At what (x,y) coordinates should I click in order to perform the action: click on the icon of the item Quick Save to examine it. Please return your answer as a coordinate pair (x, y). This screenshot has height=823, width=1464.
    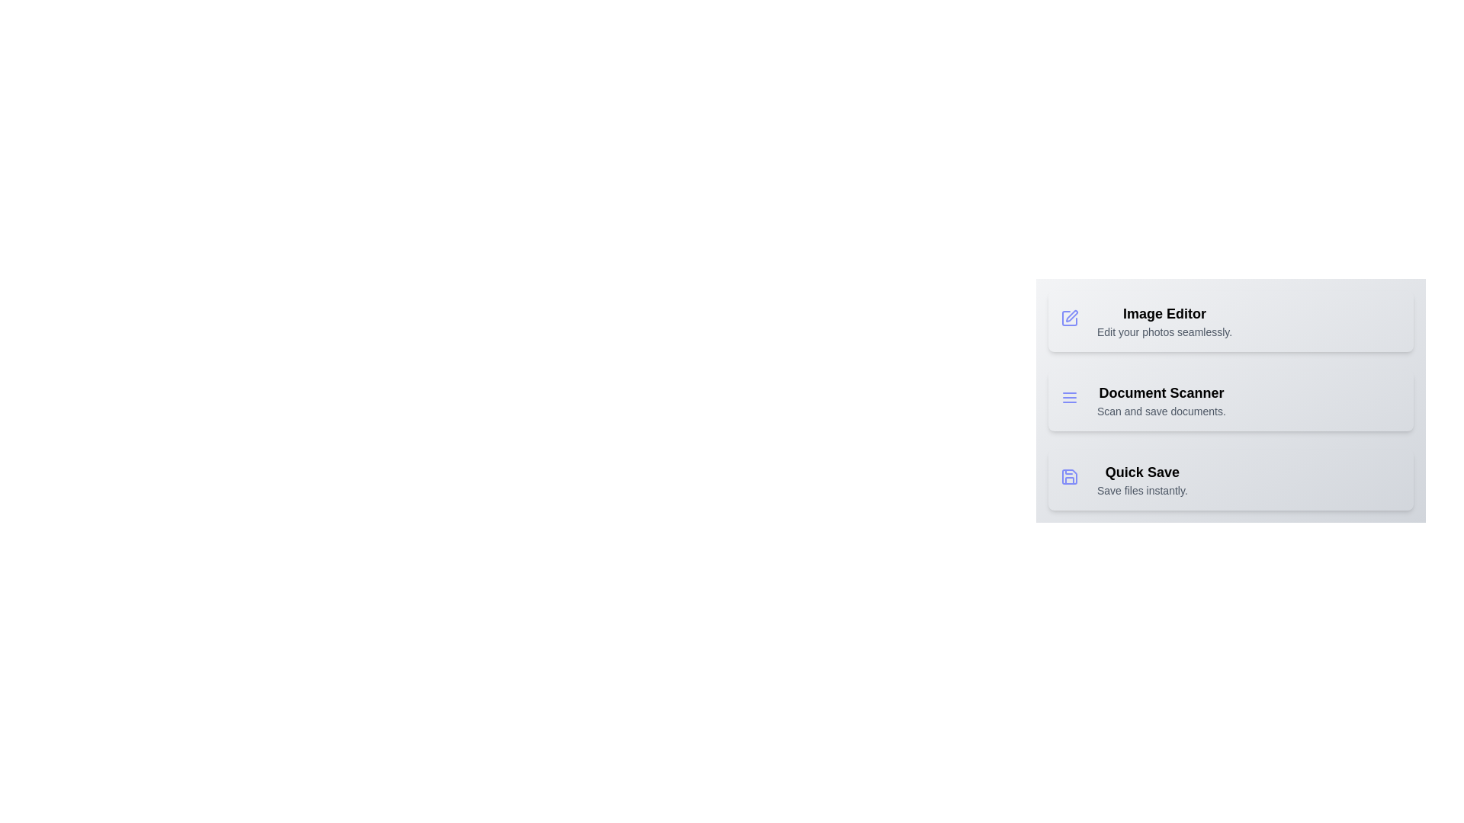
    Looking at the image, I should click on (1071, 479).